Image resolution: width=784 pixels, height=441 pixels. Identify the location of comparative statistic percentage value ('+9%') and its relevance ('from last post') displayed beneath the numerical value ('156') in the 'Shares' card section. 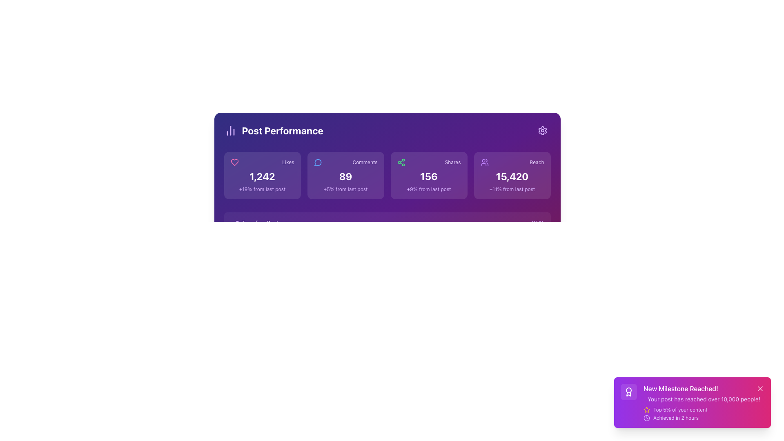
(428, 189).